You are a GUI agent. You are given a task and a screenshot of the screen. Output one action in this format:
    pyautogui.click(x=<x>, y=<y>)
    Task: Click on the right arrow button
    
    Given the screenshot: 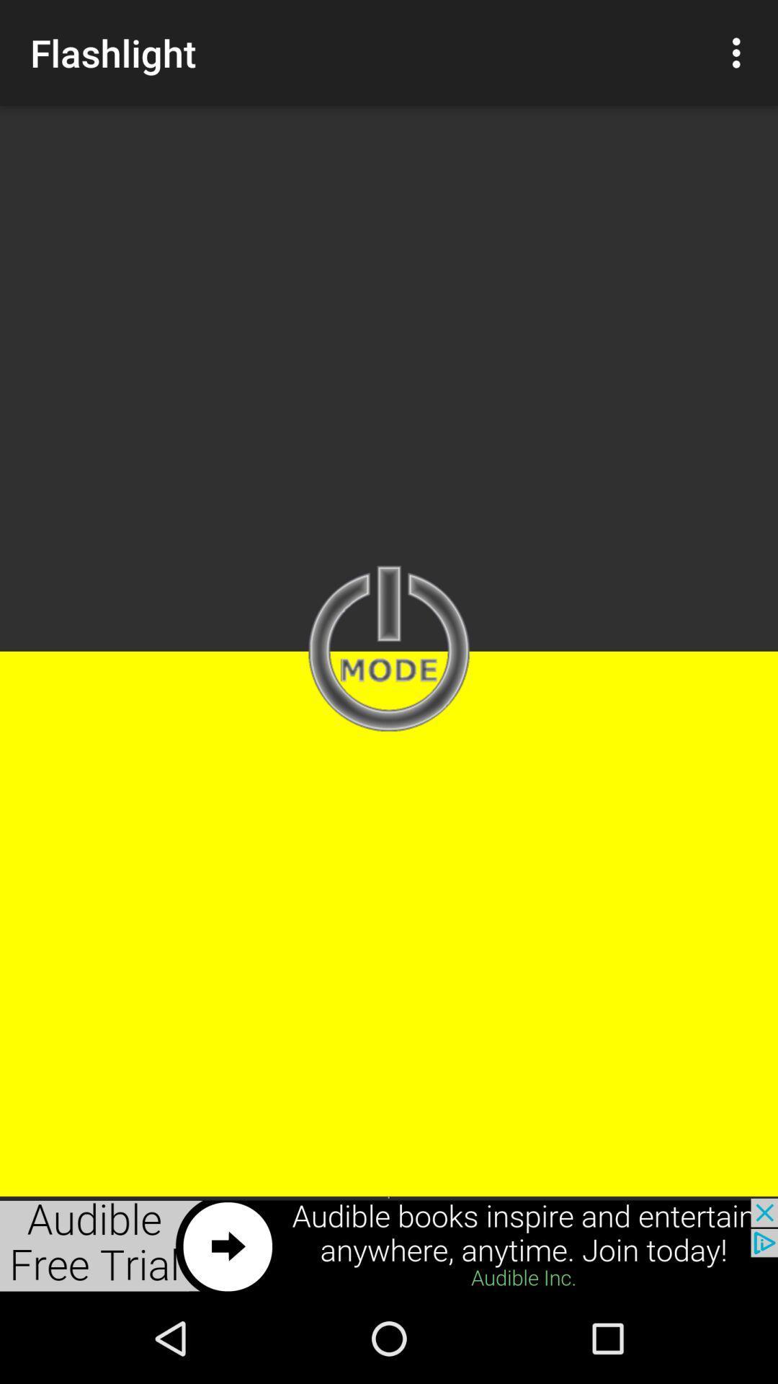 What is the action you would take?
    pyautogui.click(x=389, y=1245)
    